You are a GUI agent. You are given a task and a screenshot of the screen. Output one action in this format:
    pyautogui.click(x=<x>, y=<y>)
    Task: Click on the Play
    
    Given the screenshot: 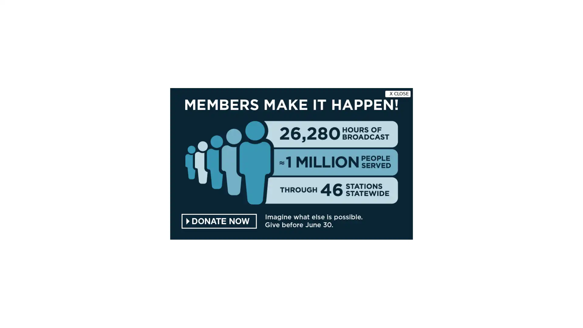 What is the action you would take?
    pyautogui.click(x=91, y=48)
    